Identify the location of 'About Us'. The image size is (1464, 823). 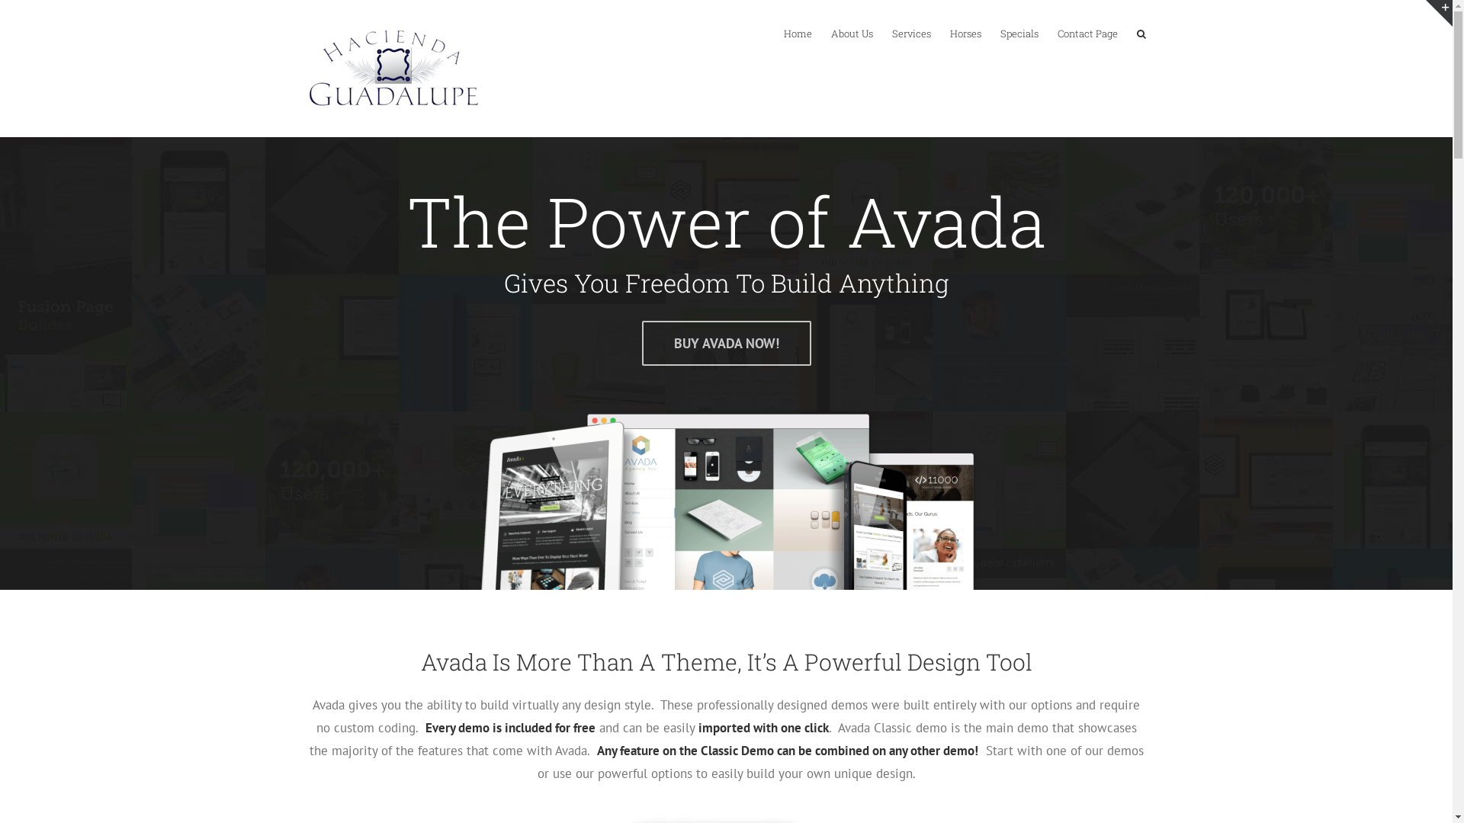
(851, 32).